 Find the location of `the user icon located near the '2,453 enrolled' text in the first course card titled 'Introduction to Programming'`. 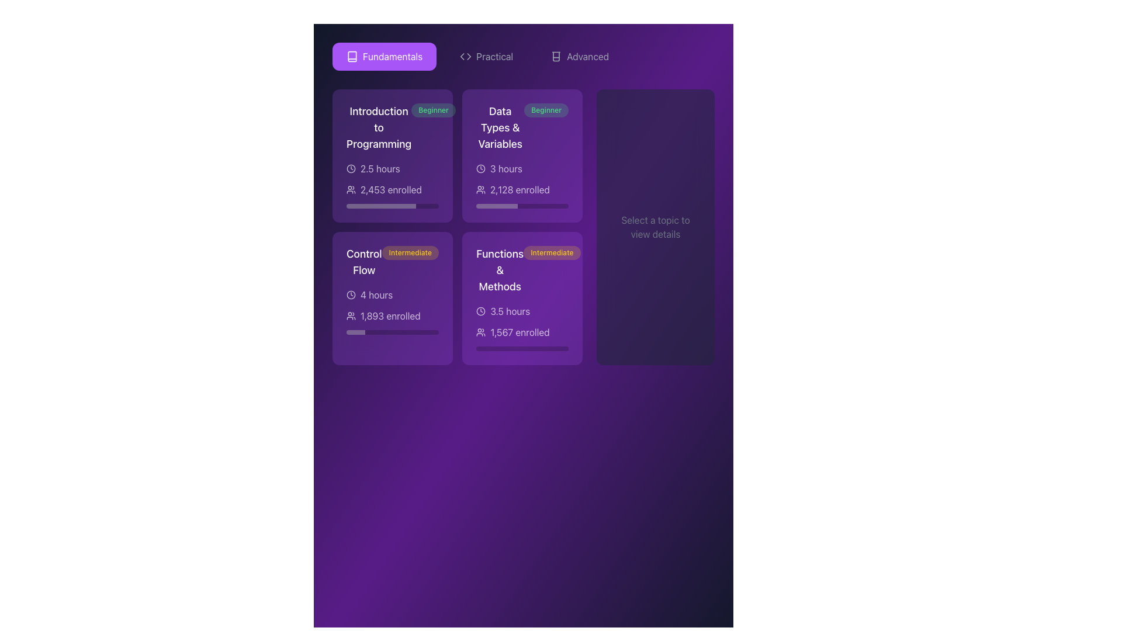

the user icon located near the '2,453 enrolled' text in the first course card titled 'Introduction to Programming' is located at coordinates (350, 189).